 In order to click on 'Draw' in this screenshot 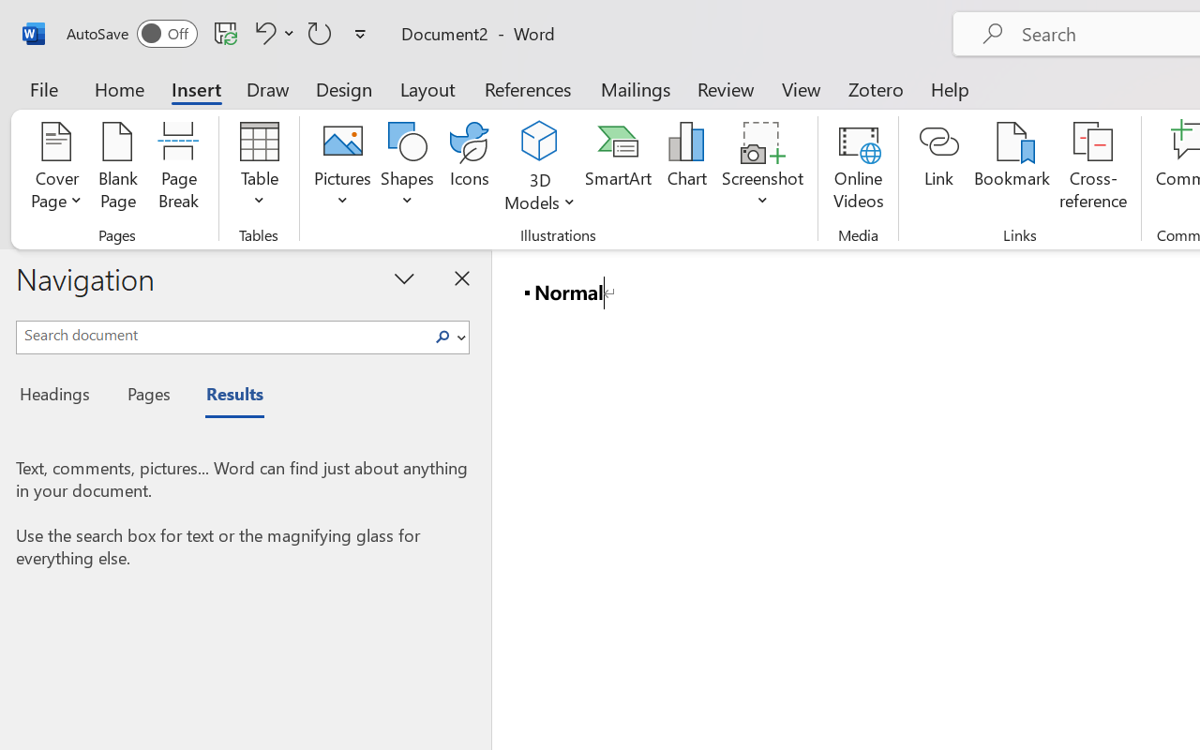, I will do `click(267, 88)`.